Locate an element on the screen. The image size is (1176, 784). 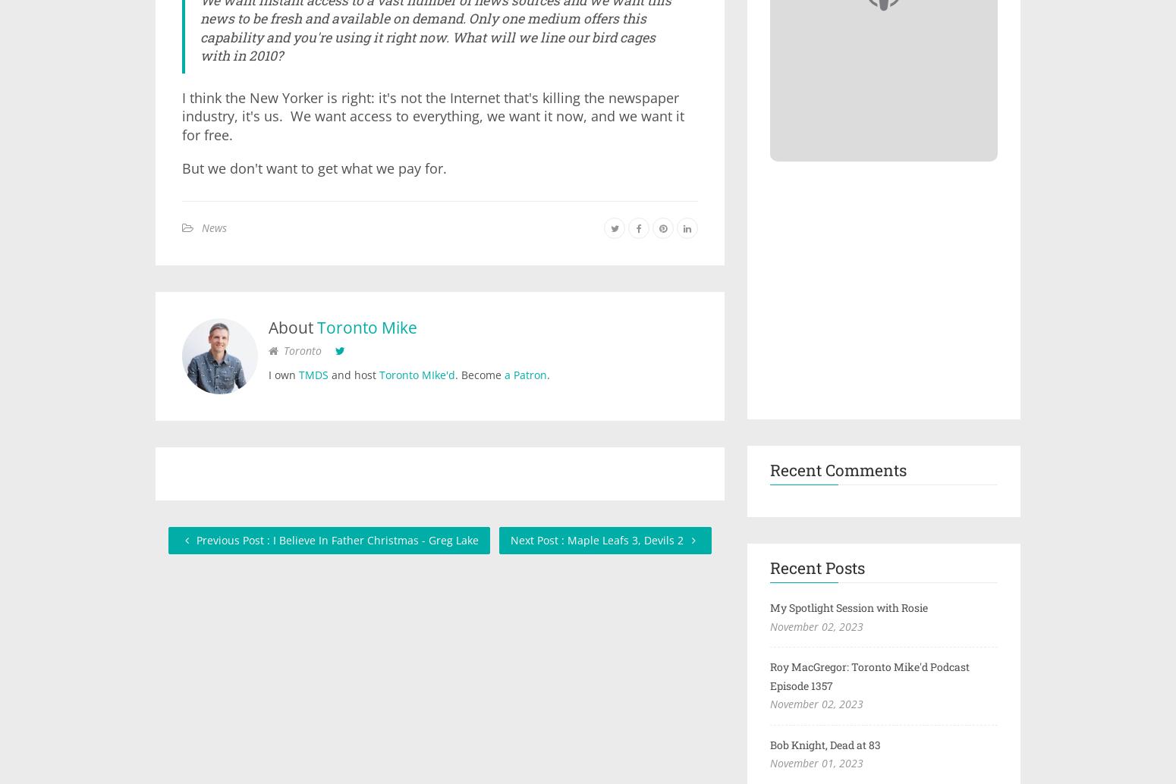
'Roy MacGregor: Toronto Mike'd Podcast Episode 1357' is located at coordinates (869, 675).